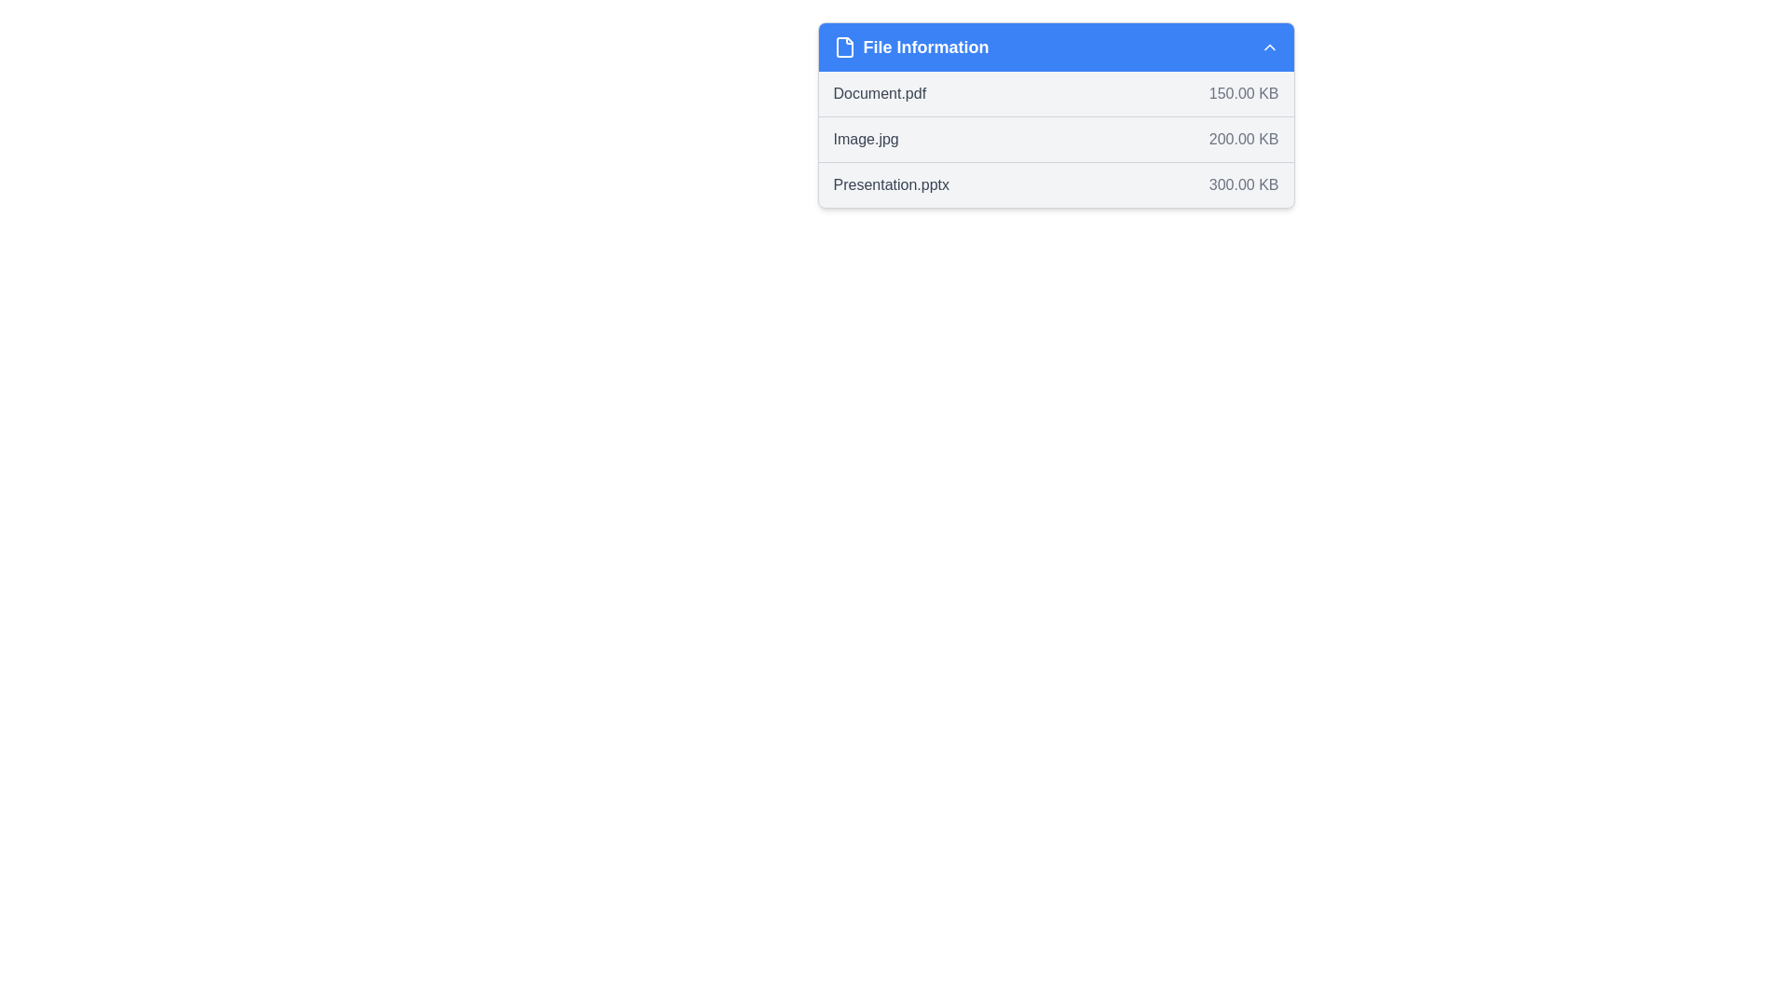  I want to click on text displayed on the label with an icon that serves as a title for the section indicating file details, located at the top-left corner of the header section of the widget, so click(911, 46).